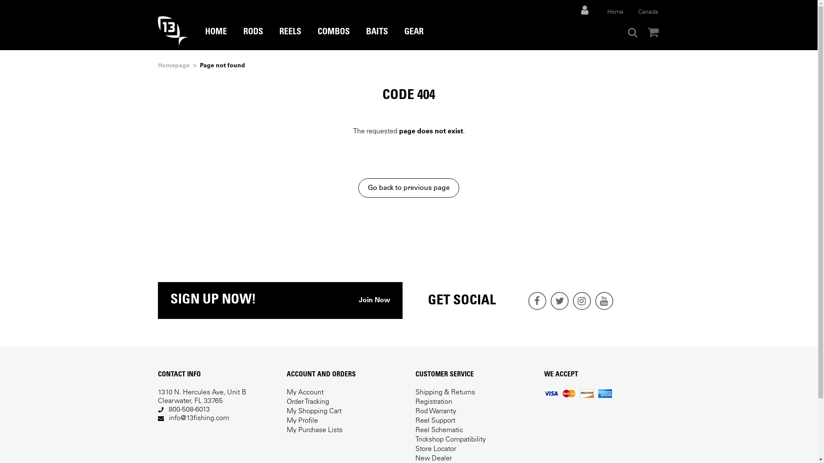 The image size is (824, 463). I want to click on 'Canada', so click(647, 12).